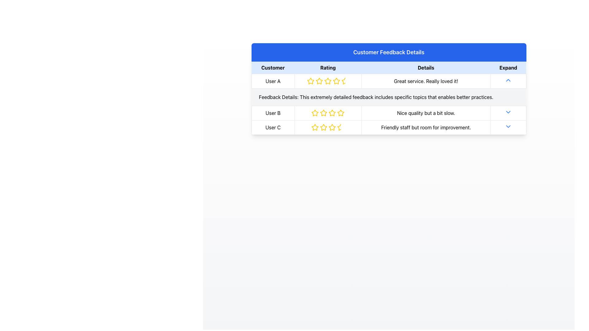  Describe the element at coordinates (328, 81) in the screenshot. I see `the third star icon` at that location.